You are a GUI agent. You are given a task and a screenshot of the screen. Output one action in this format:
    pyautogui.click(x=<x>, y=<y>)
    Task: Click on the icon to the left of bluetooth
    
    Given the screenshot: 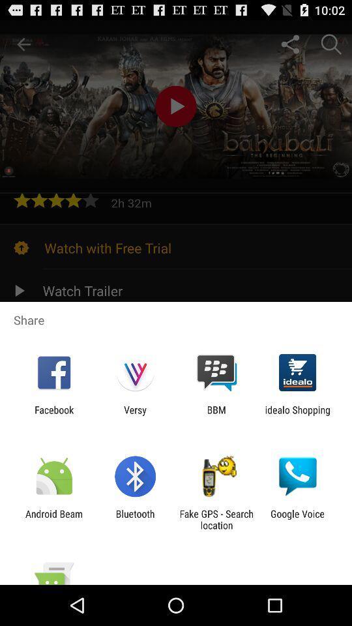 What is the action you would take?
    pyautogui.click(x=53, y=519)
    